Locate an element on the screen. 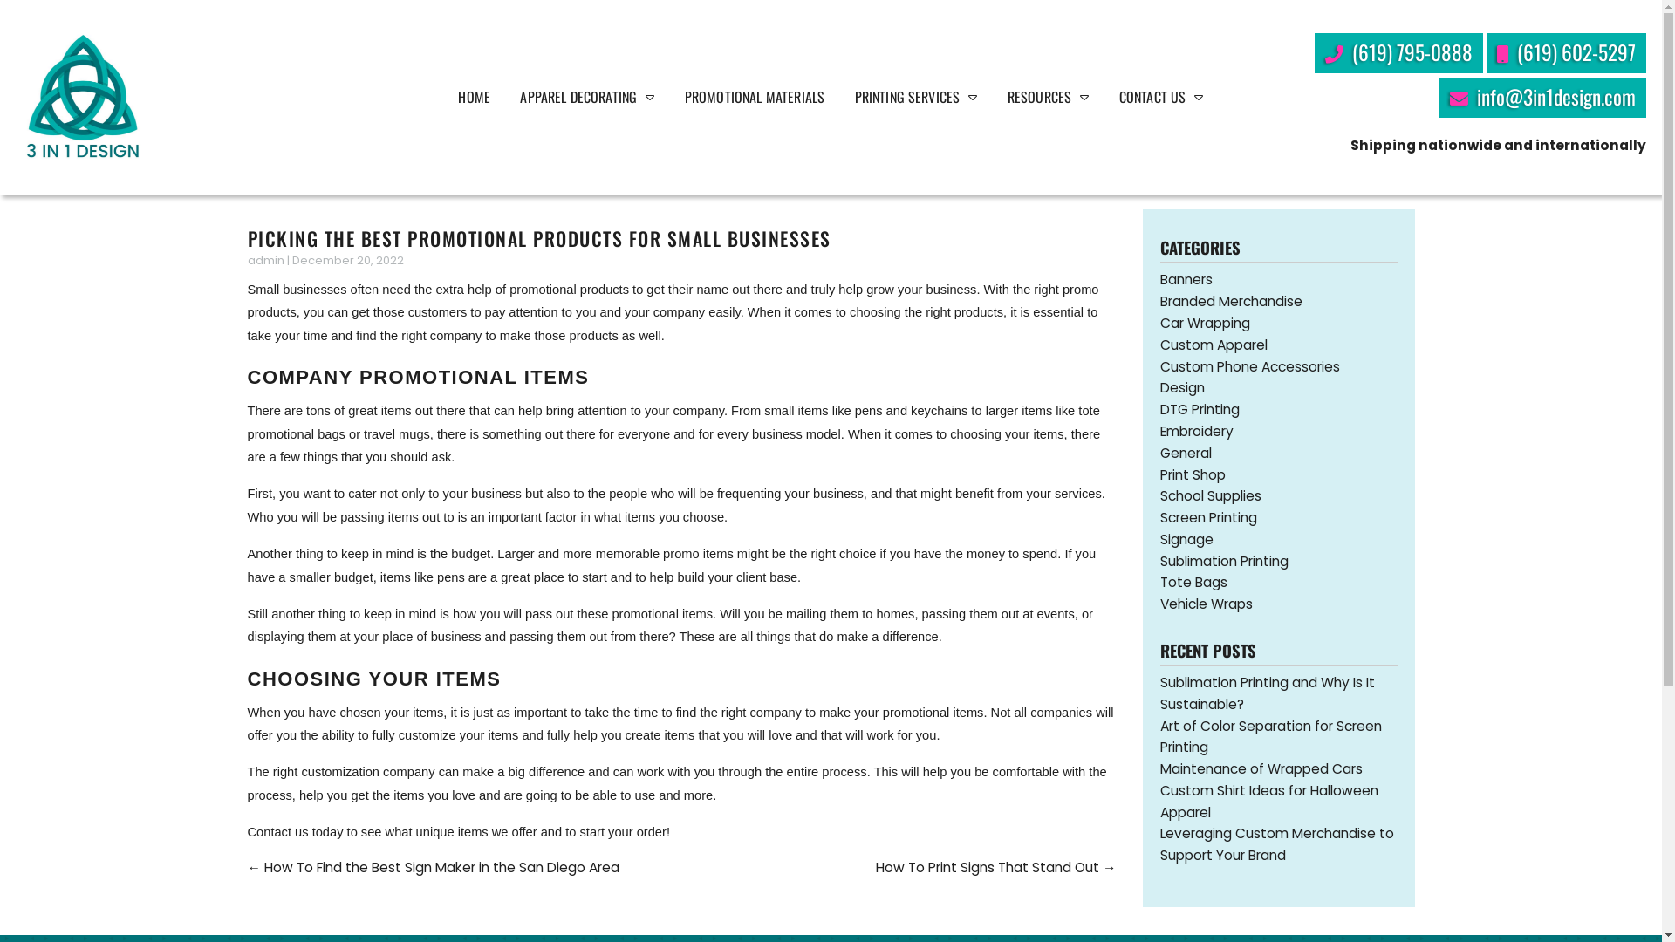 This screenshot has height=942, width=1675. 'info@3in1design.com' is located at coordinates (1542, 97).